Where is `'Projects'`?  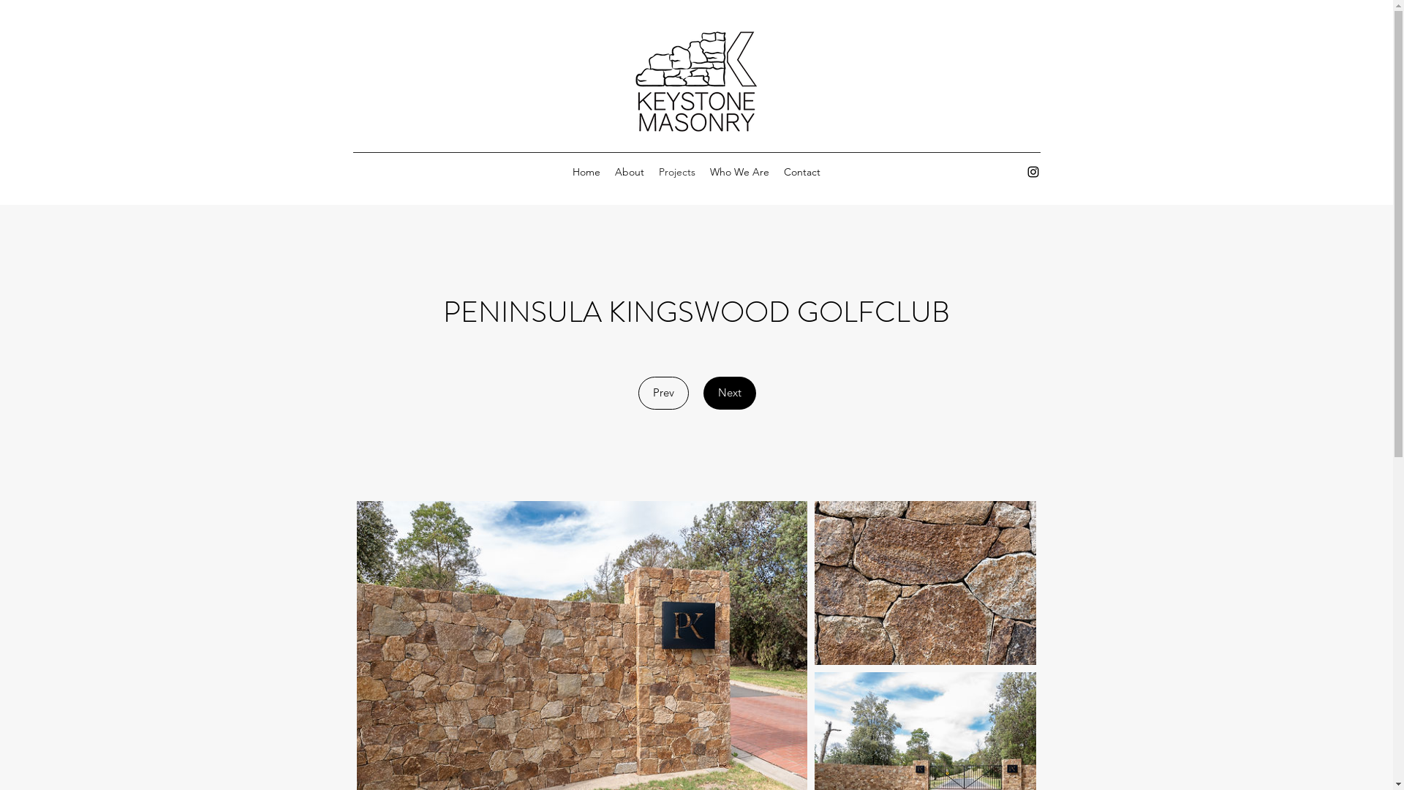
'Projects' is located at coordinates (676, 171).